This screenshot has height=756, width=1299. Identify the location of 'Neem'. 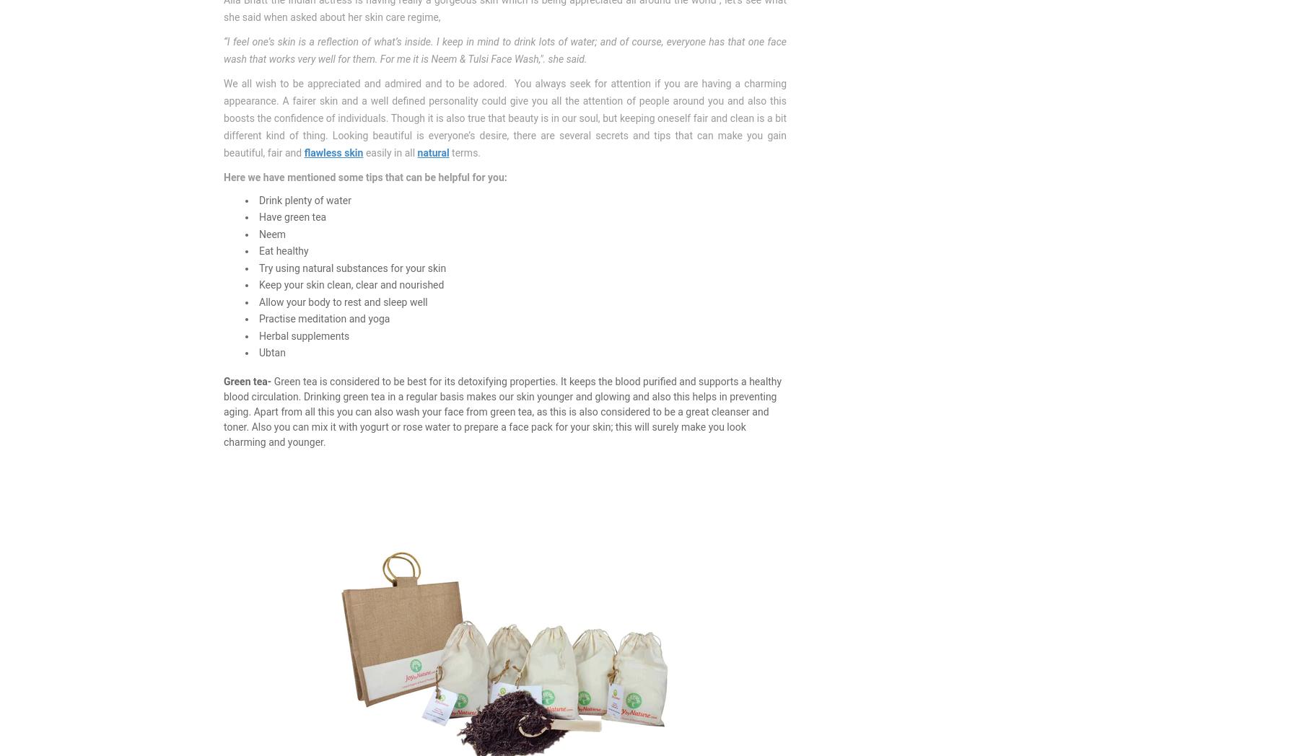
(272, 234).